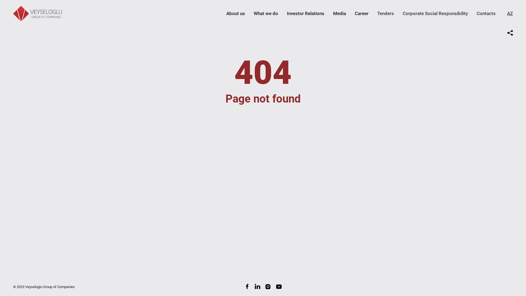  I want to click on 'Corporate Social Responsibility', so click(435, 13).